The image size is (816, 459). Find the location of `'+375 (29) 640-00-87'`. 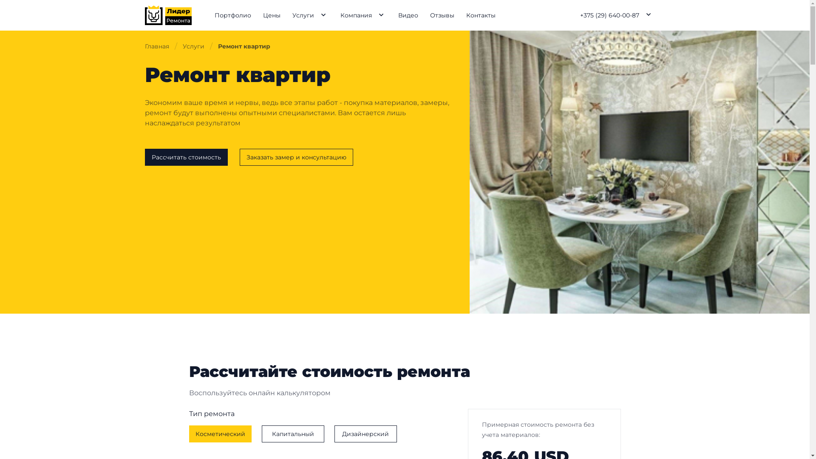

'+375 (29) 640-00-87' is located at coordinates (609, 15).